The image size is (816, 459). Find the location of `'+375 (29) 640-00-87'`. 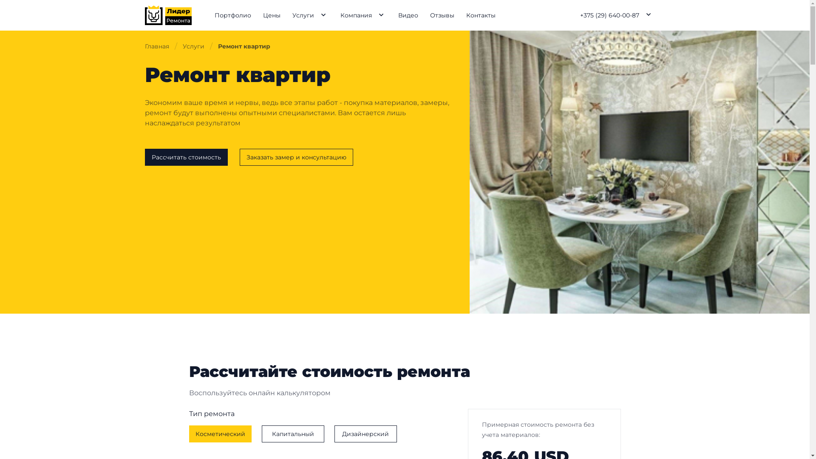

'+375 (29) 640-00-87' is located at coordinates (609, 15).